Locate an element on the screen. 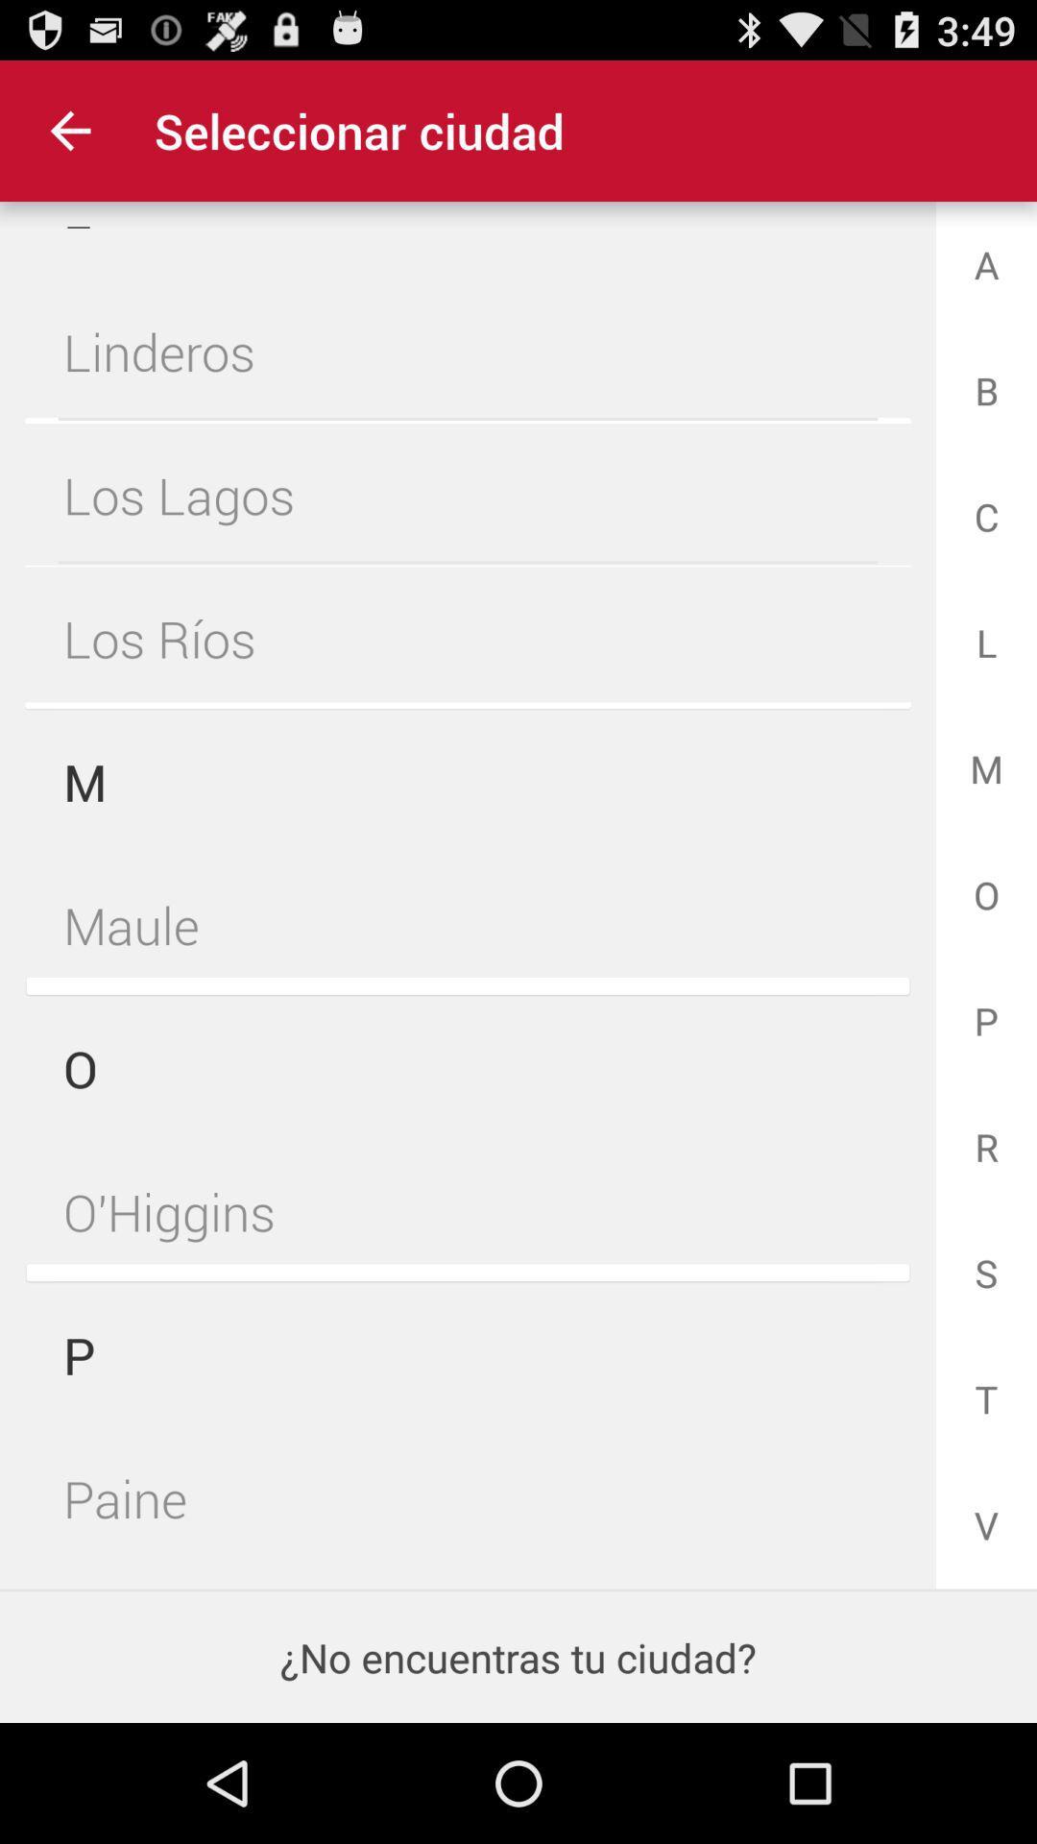 The height and width of the screenshot is (1844, 1037). icon above o is located at coordinates (468, 925).